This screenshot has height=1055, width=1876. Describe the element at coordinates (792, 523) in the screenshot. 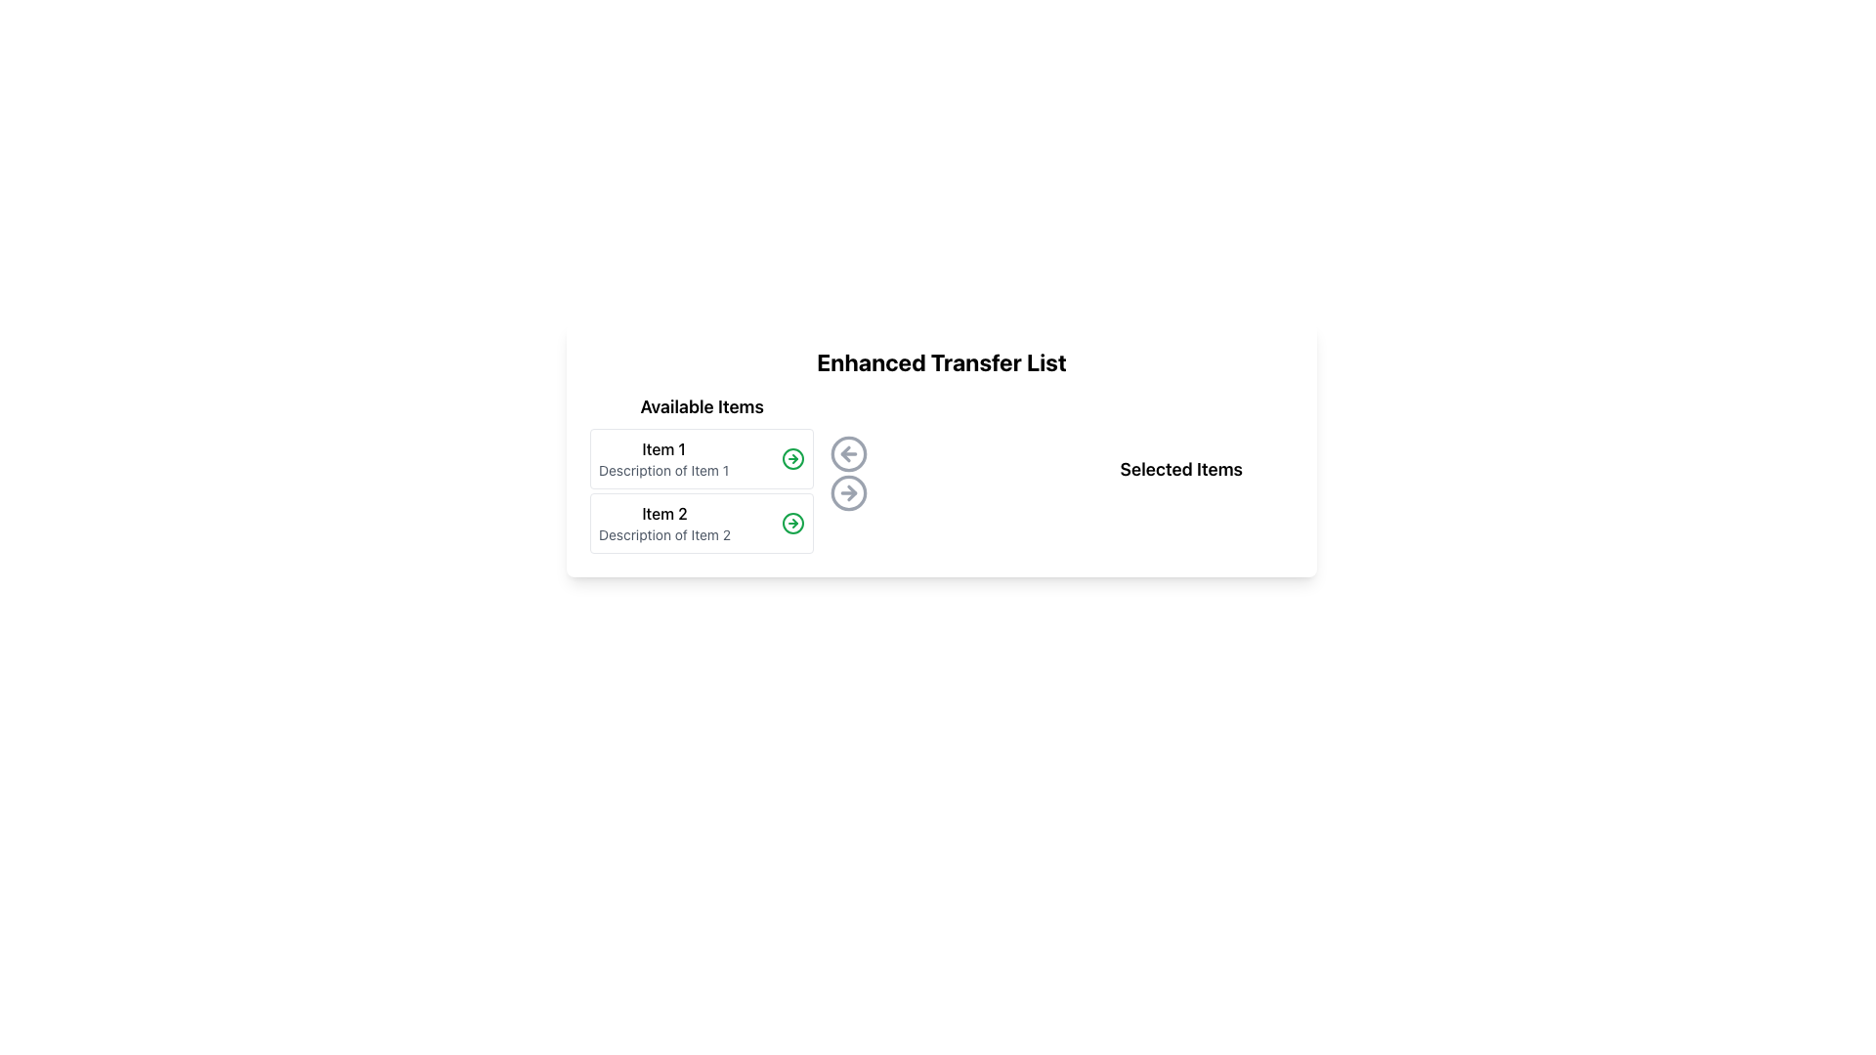

I see `the green circular arrow button located in the right section of the second list item labeled 'Item 2'` at that location.